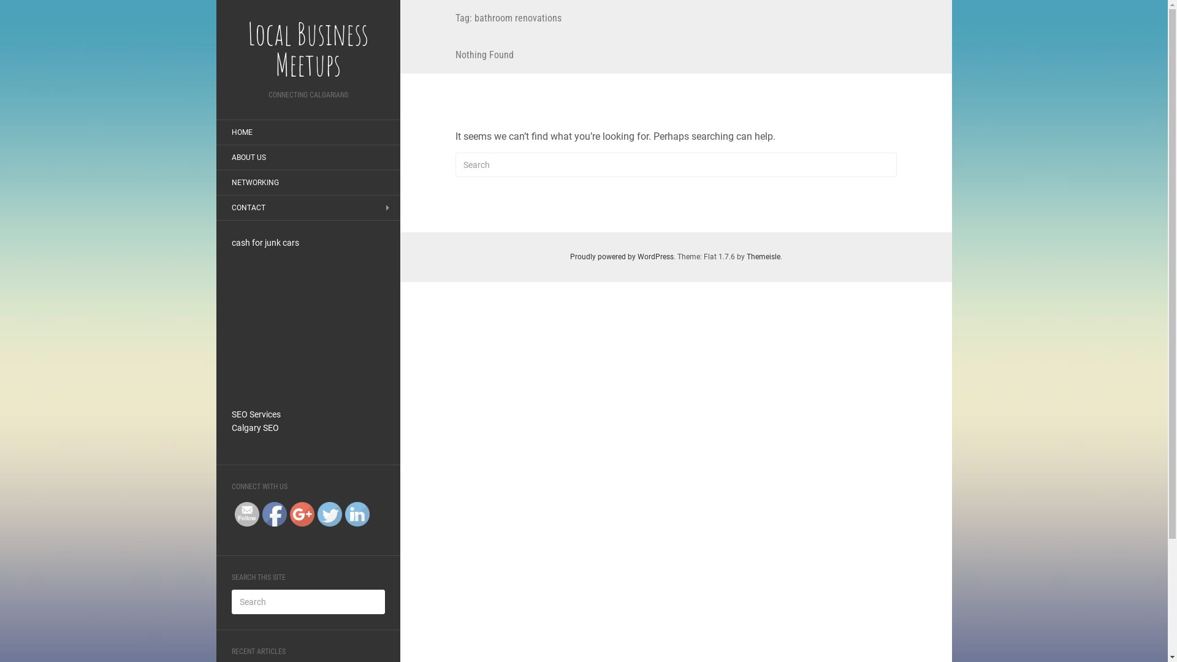 The width and height of the screenshot is (1177, 662). What do you see at coordinates (308, 48) in the screenshot?
I see `'Local Business Meetups'` at bounding box center [308, 48].